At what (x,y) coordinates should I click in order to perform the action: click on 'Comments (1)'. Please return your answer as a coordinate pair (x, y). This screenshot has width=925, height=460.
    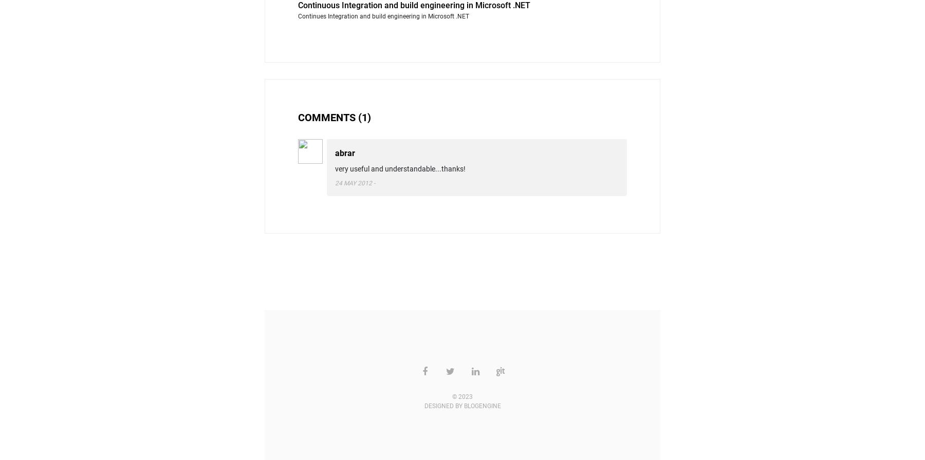
    Looking at the image, I should click on (335, 117).